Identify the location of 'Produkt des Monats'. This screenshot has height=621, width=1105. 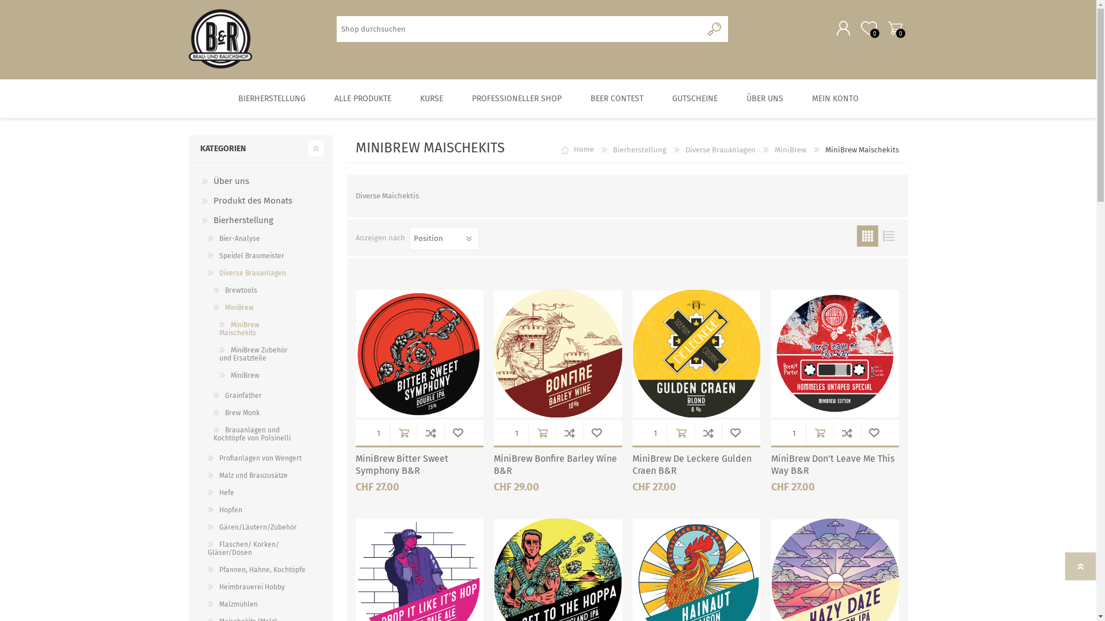
(246, 200).